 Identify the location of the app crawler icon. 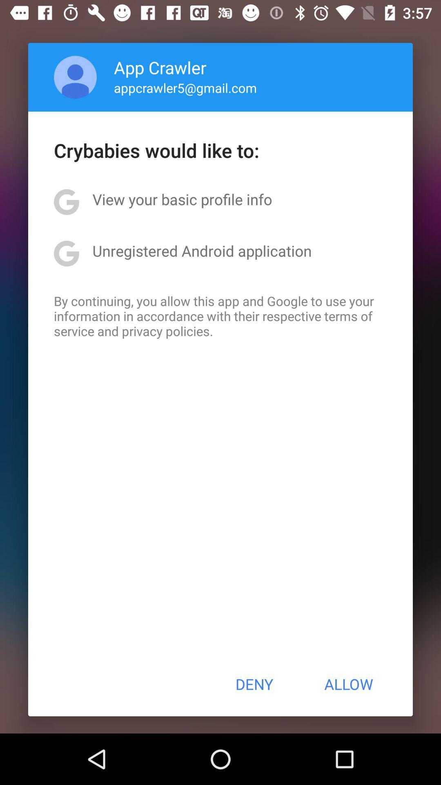
(160, 67).